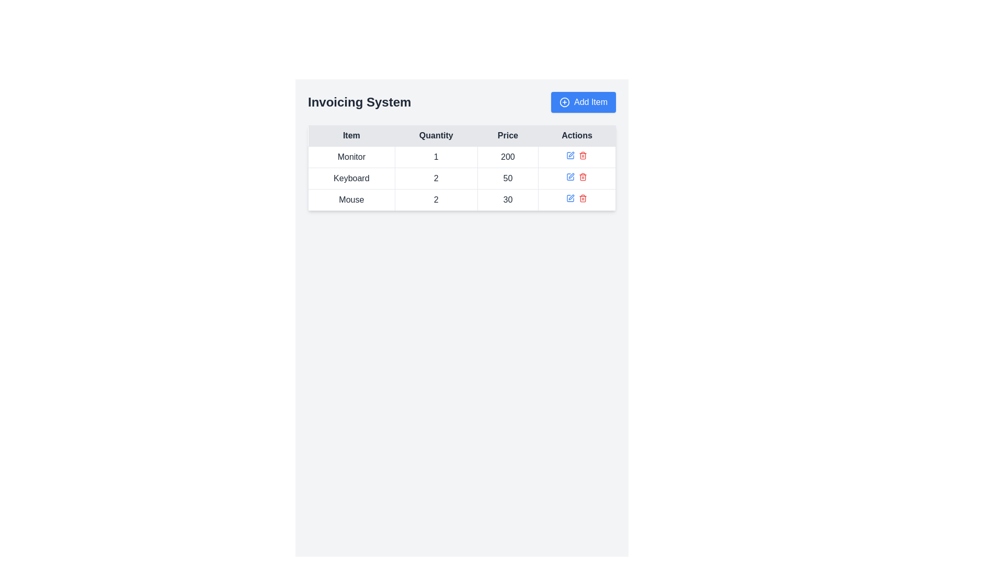 This screenshot has width=1004, height=564. I want to click on the circular outline of the plus icon within the 'Add Item' button, located at the top-right of the interface, so click(564, 102).